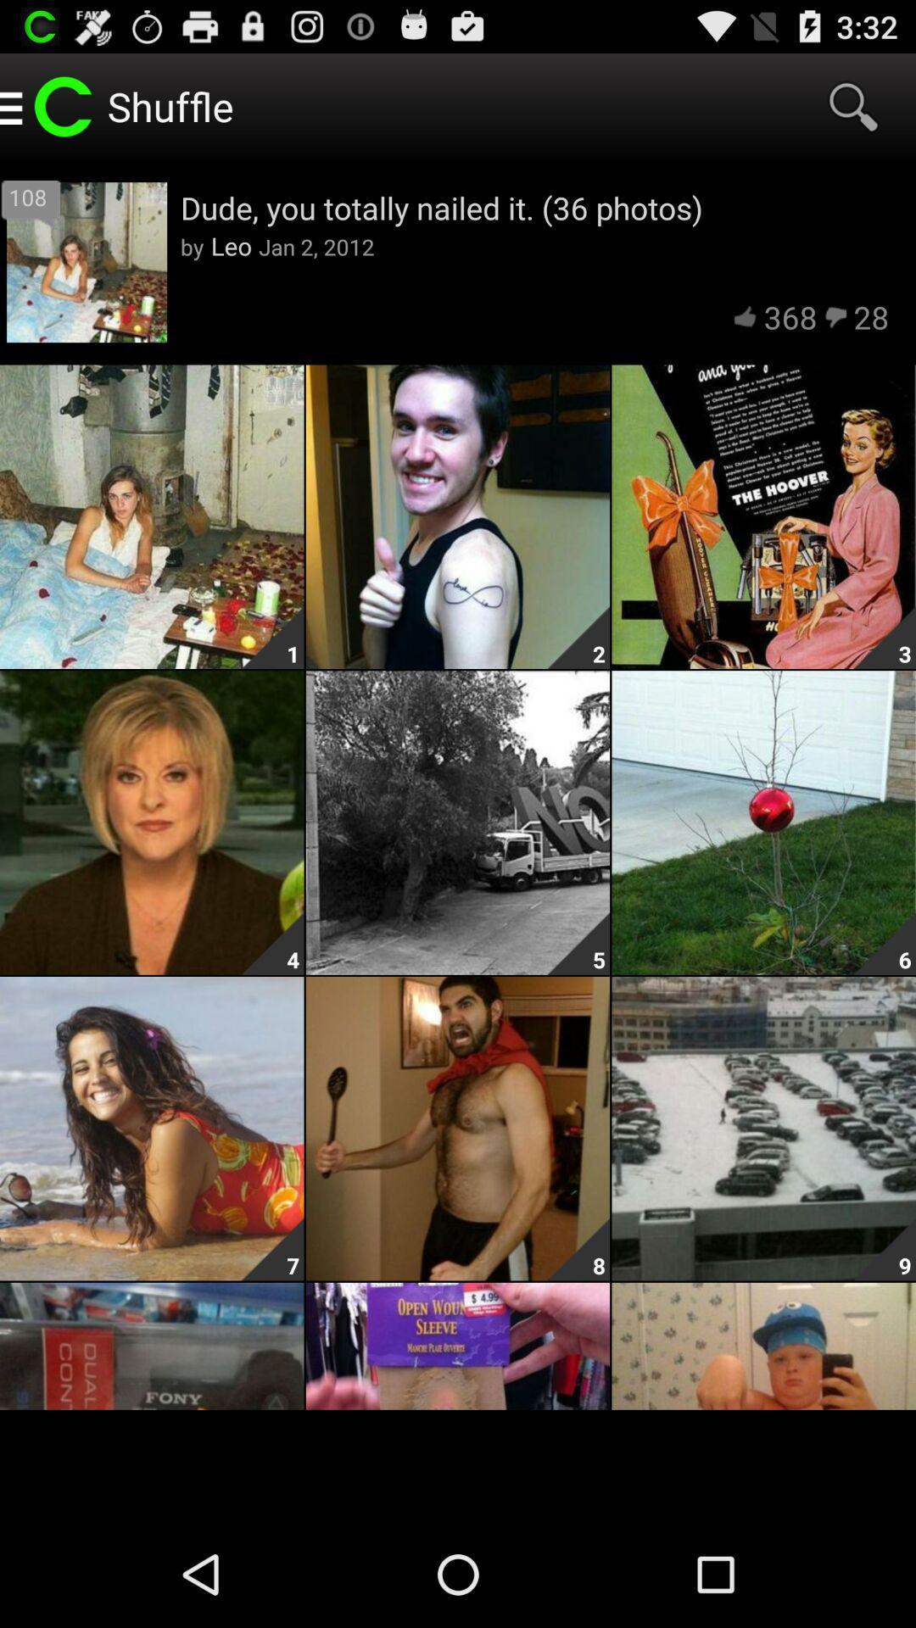 This screenshot has height=1628, width=916. What do you see at coordinates (853, 105) in the screenshot?
I see `app to the right of shuffle` at bounding box center [853, 105].